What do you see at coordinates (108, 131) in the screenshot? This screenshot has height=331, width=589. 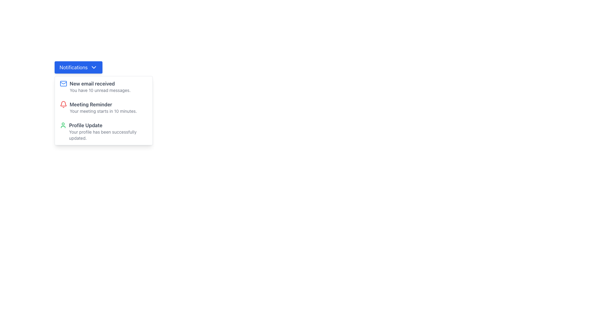 I see `the 'Profile Update' notification text block that indicates a successful profile update` at bounding box center [108, 131].